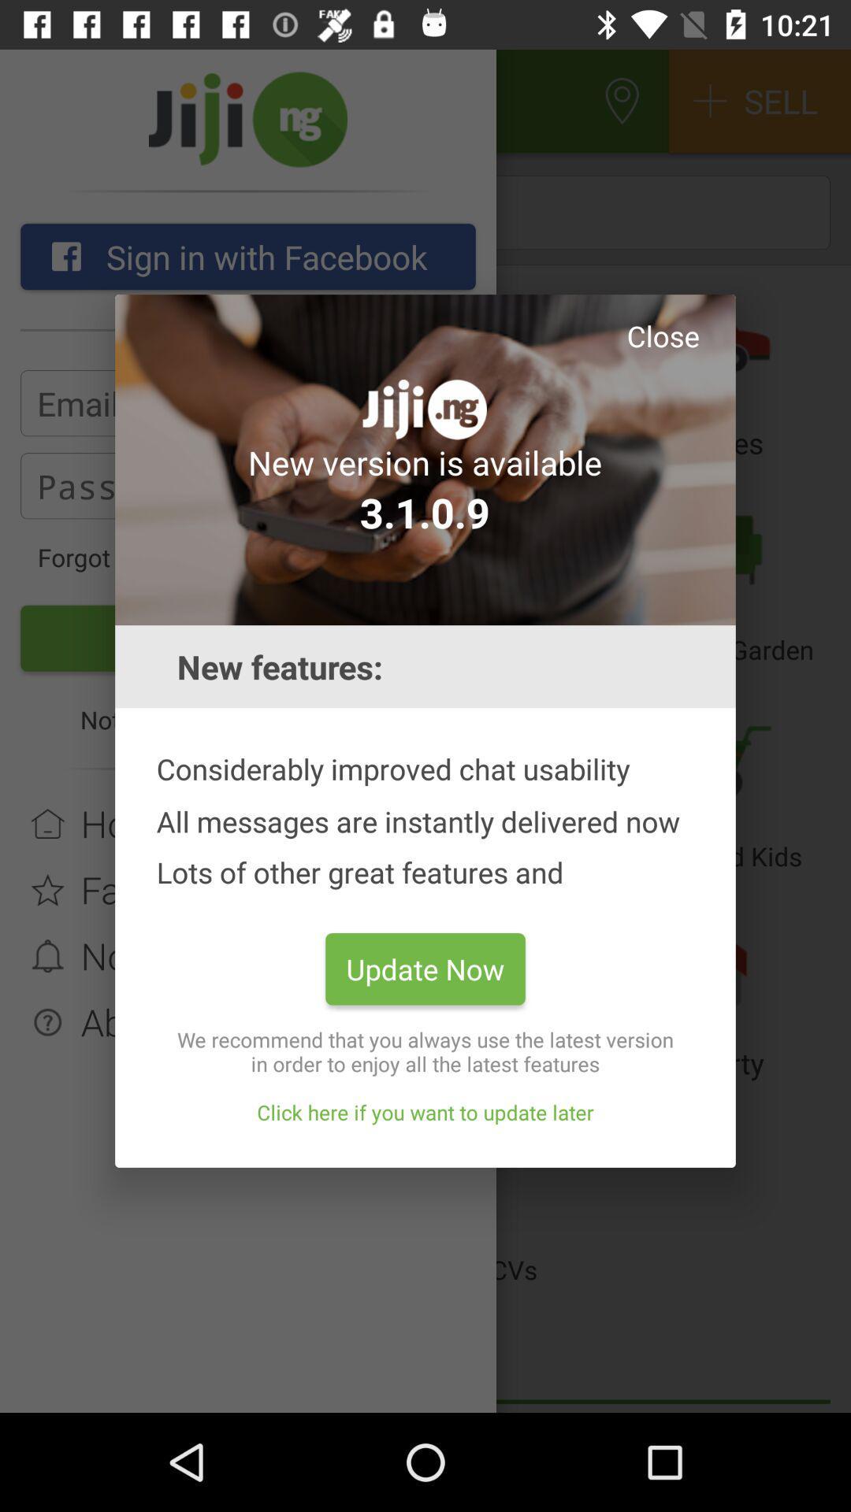  I want to click on app above we recommend that item, so click(425, 968).